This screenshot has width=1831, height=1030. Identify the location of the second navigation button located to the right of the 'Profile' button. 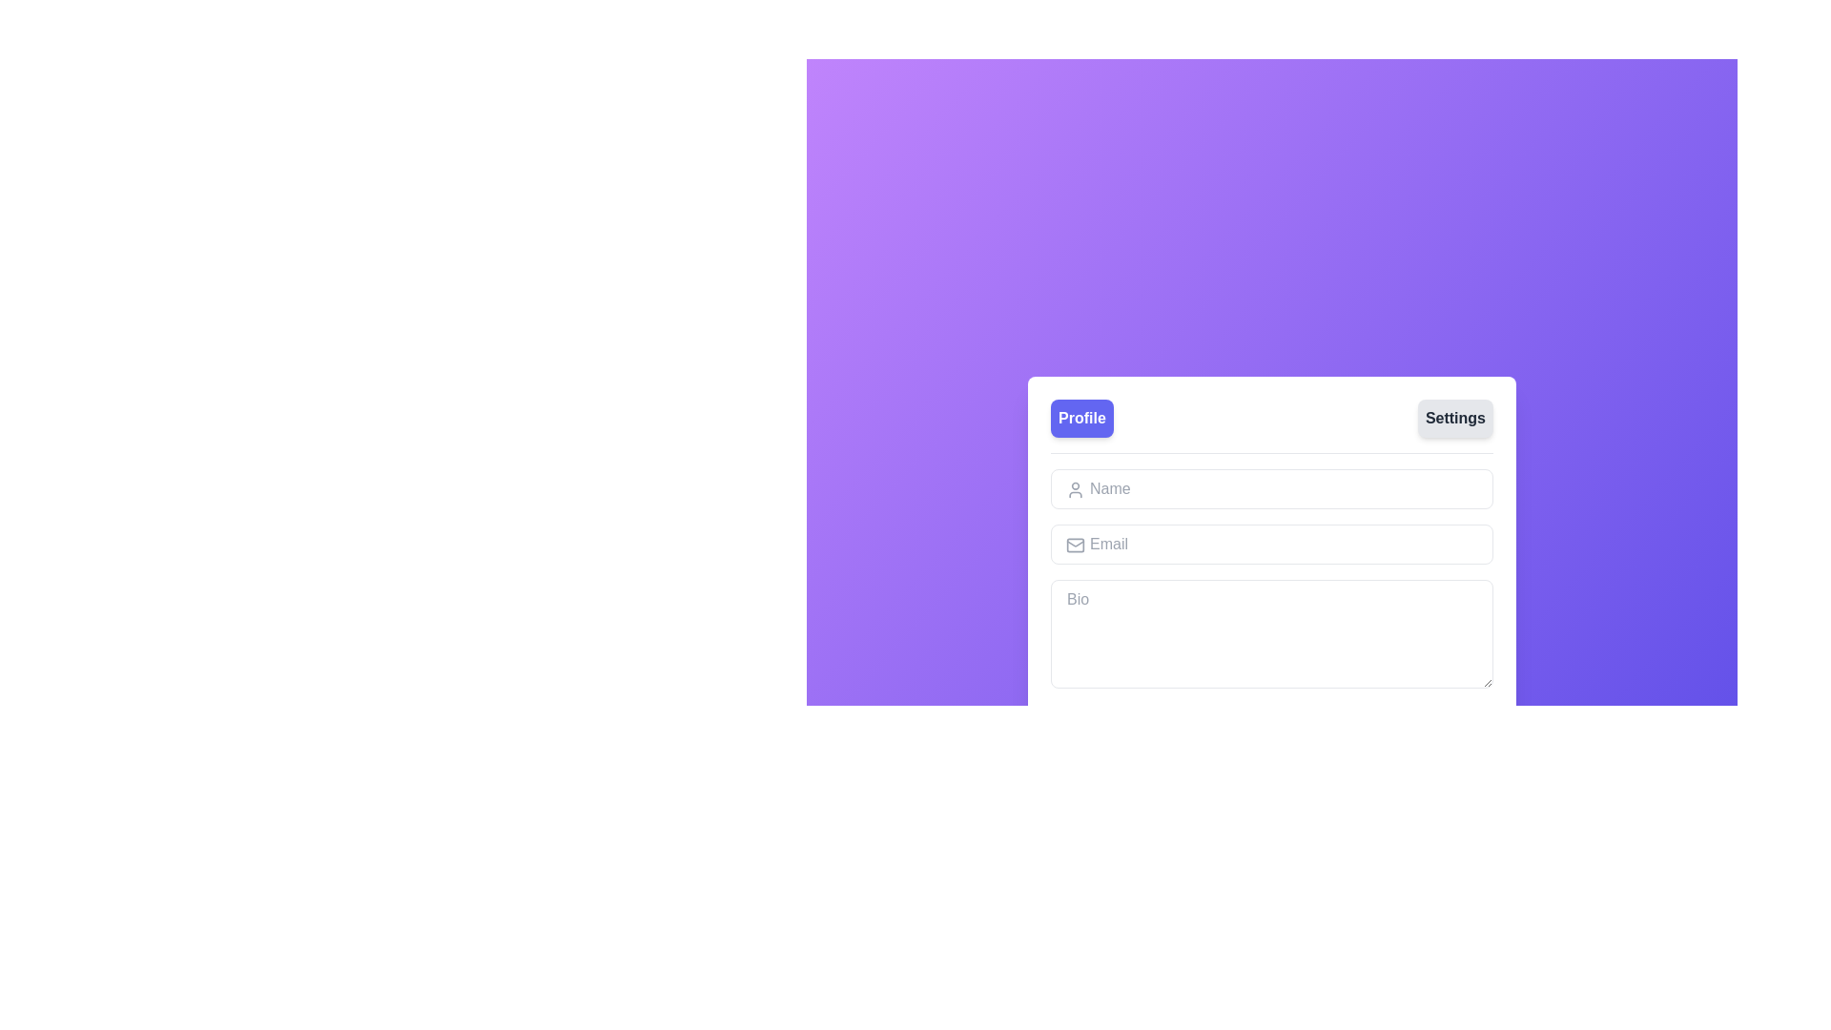
(1454, 418).